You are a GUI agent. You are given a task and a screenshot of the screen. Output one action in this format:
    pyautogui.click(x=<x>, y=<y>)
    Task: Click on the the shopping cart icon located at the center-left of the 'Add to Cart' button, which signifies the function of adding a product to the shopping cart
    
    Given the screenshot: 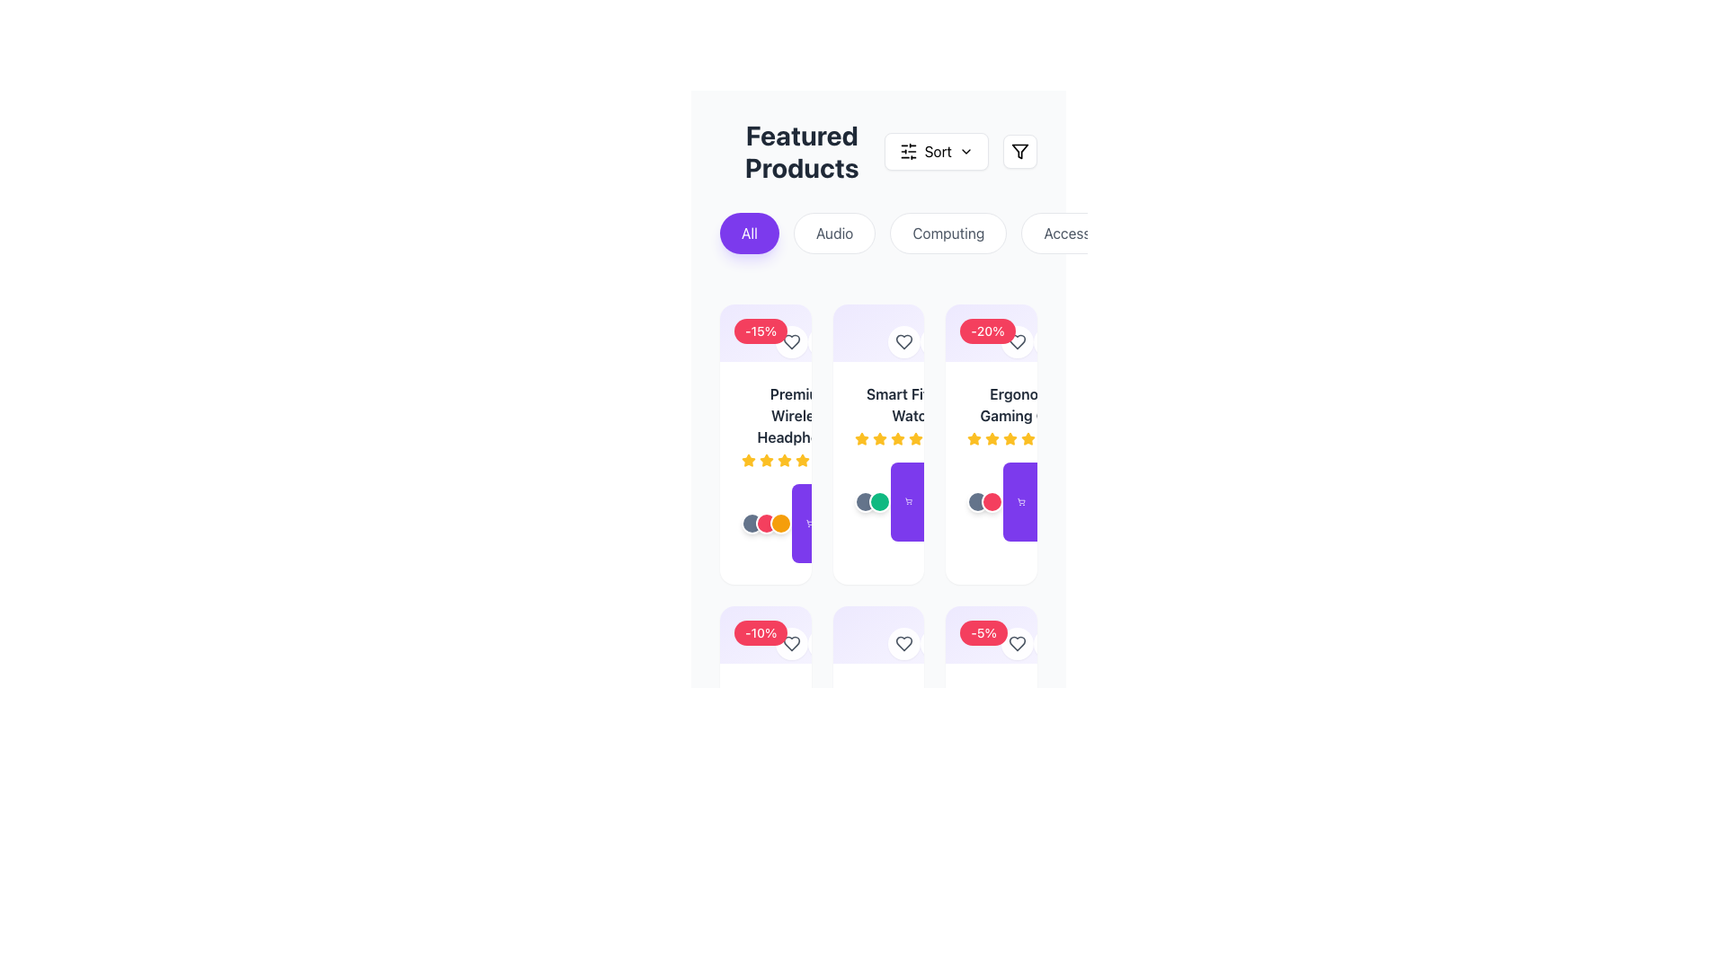 What is the action you would take?
    pyautogui.click(x=1021, y=502)
    